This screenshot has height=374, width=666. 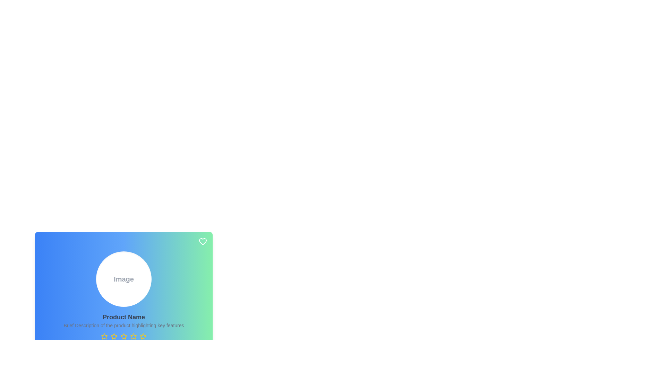 What do you see at coordinates (123, 336) in the screenshot?
I see `the fourth star rating icon located at the bottom center of the product card` at bounding box center [123, 336].